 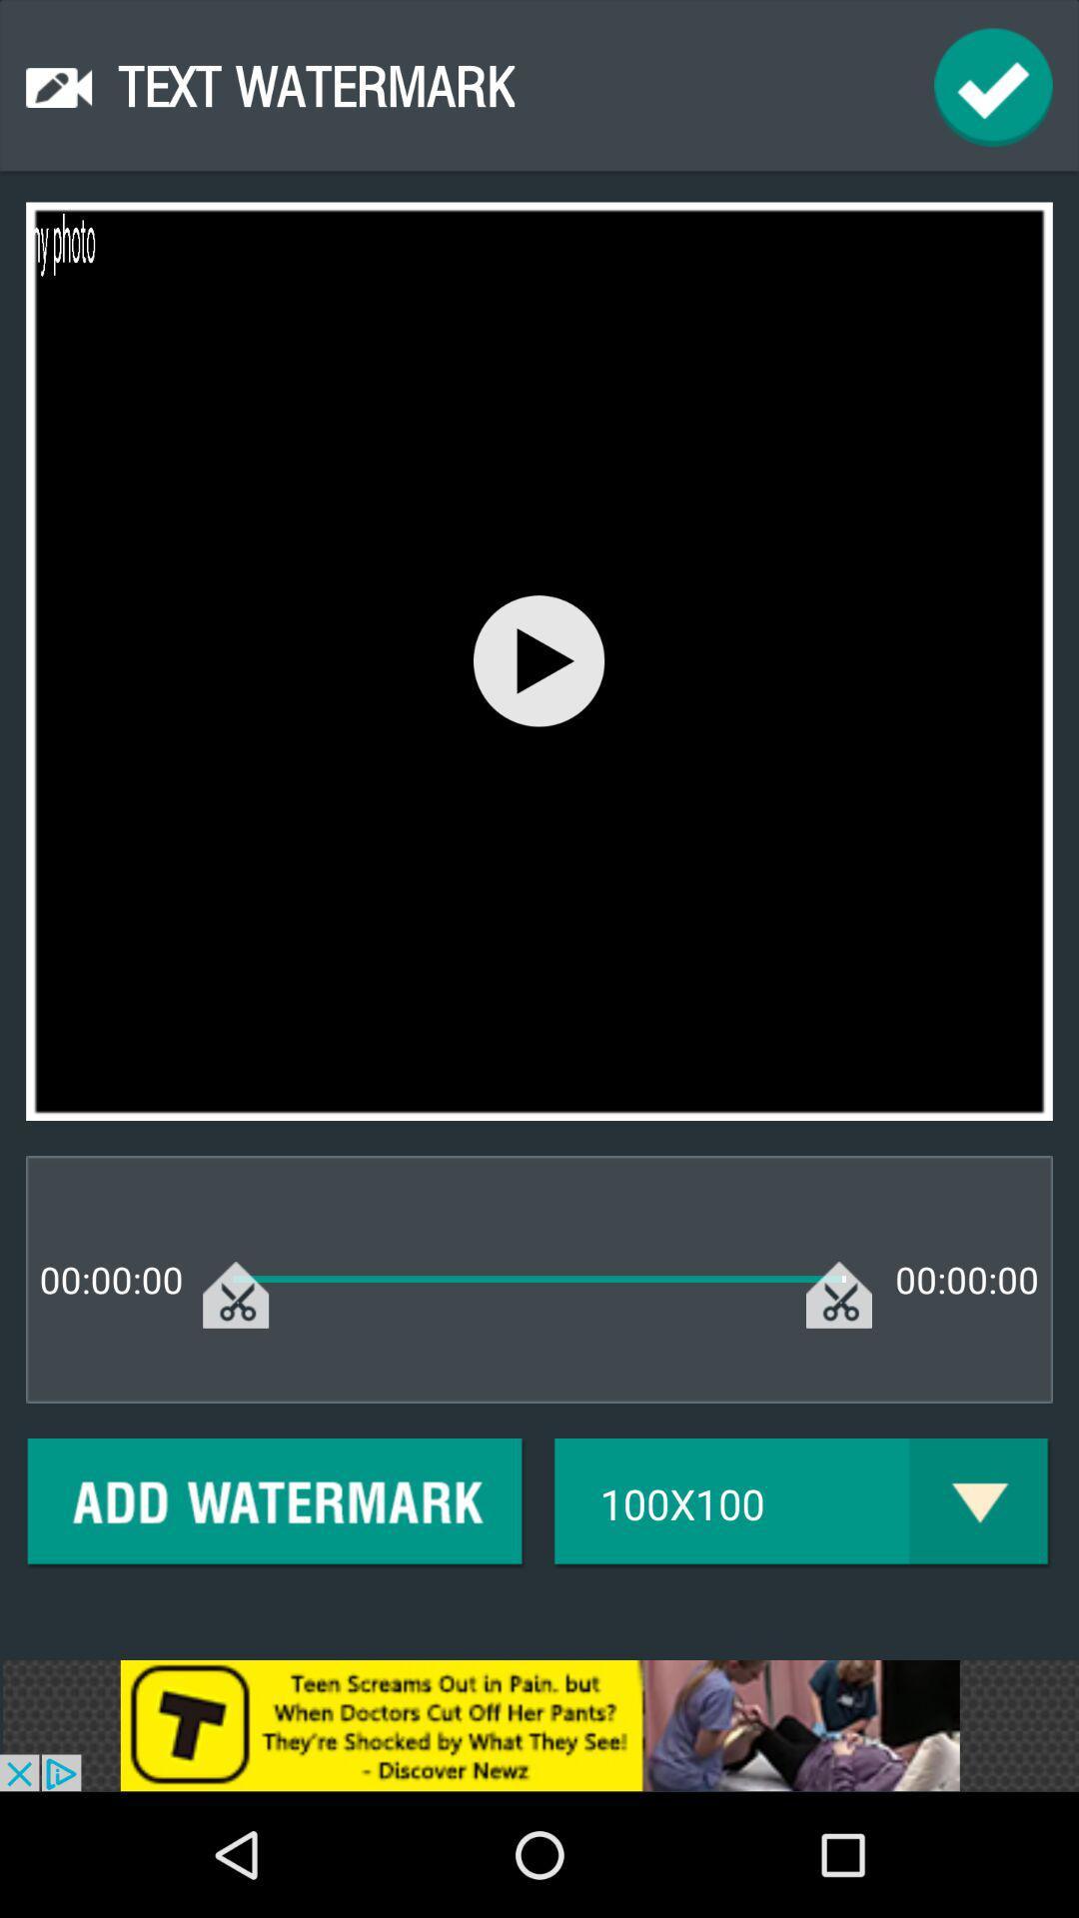 What do you see at coordinates (993, 86) in the screenshot?
I see `accept item` at bounding box center [993, 86].